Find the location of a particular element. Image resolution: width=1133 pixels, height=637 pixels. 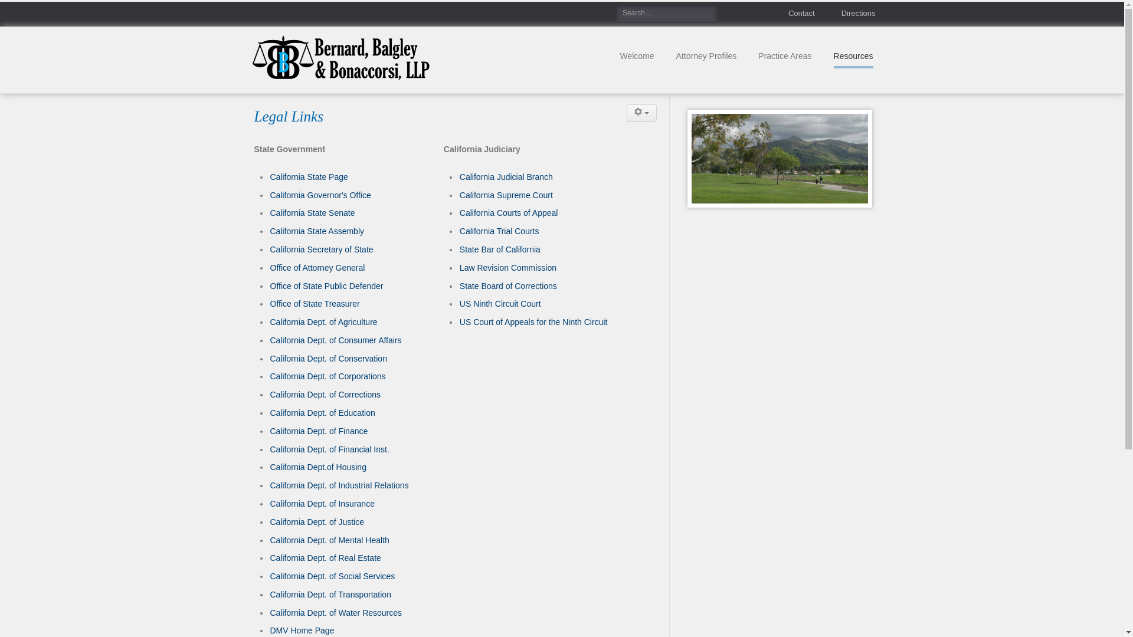

'US Court of Appeals for the Ninth Circuit' is located at coordinates (533, 322).